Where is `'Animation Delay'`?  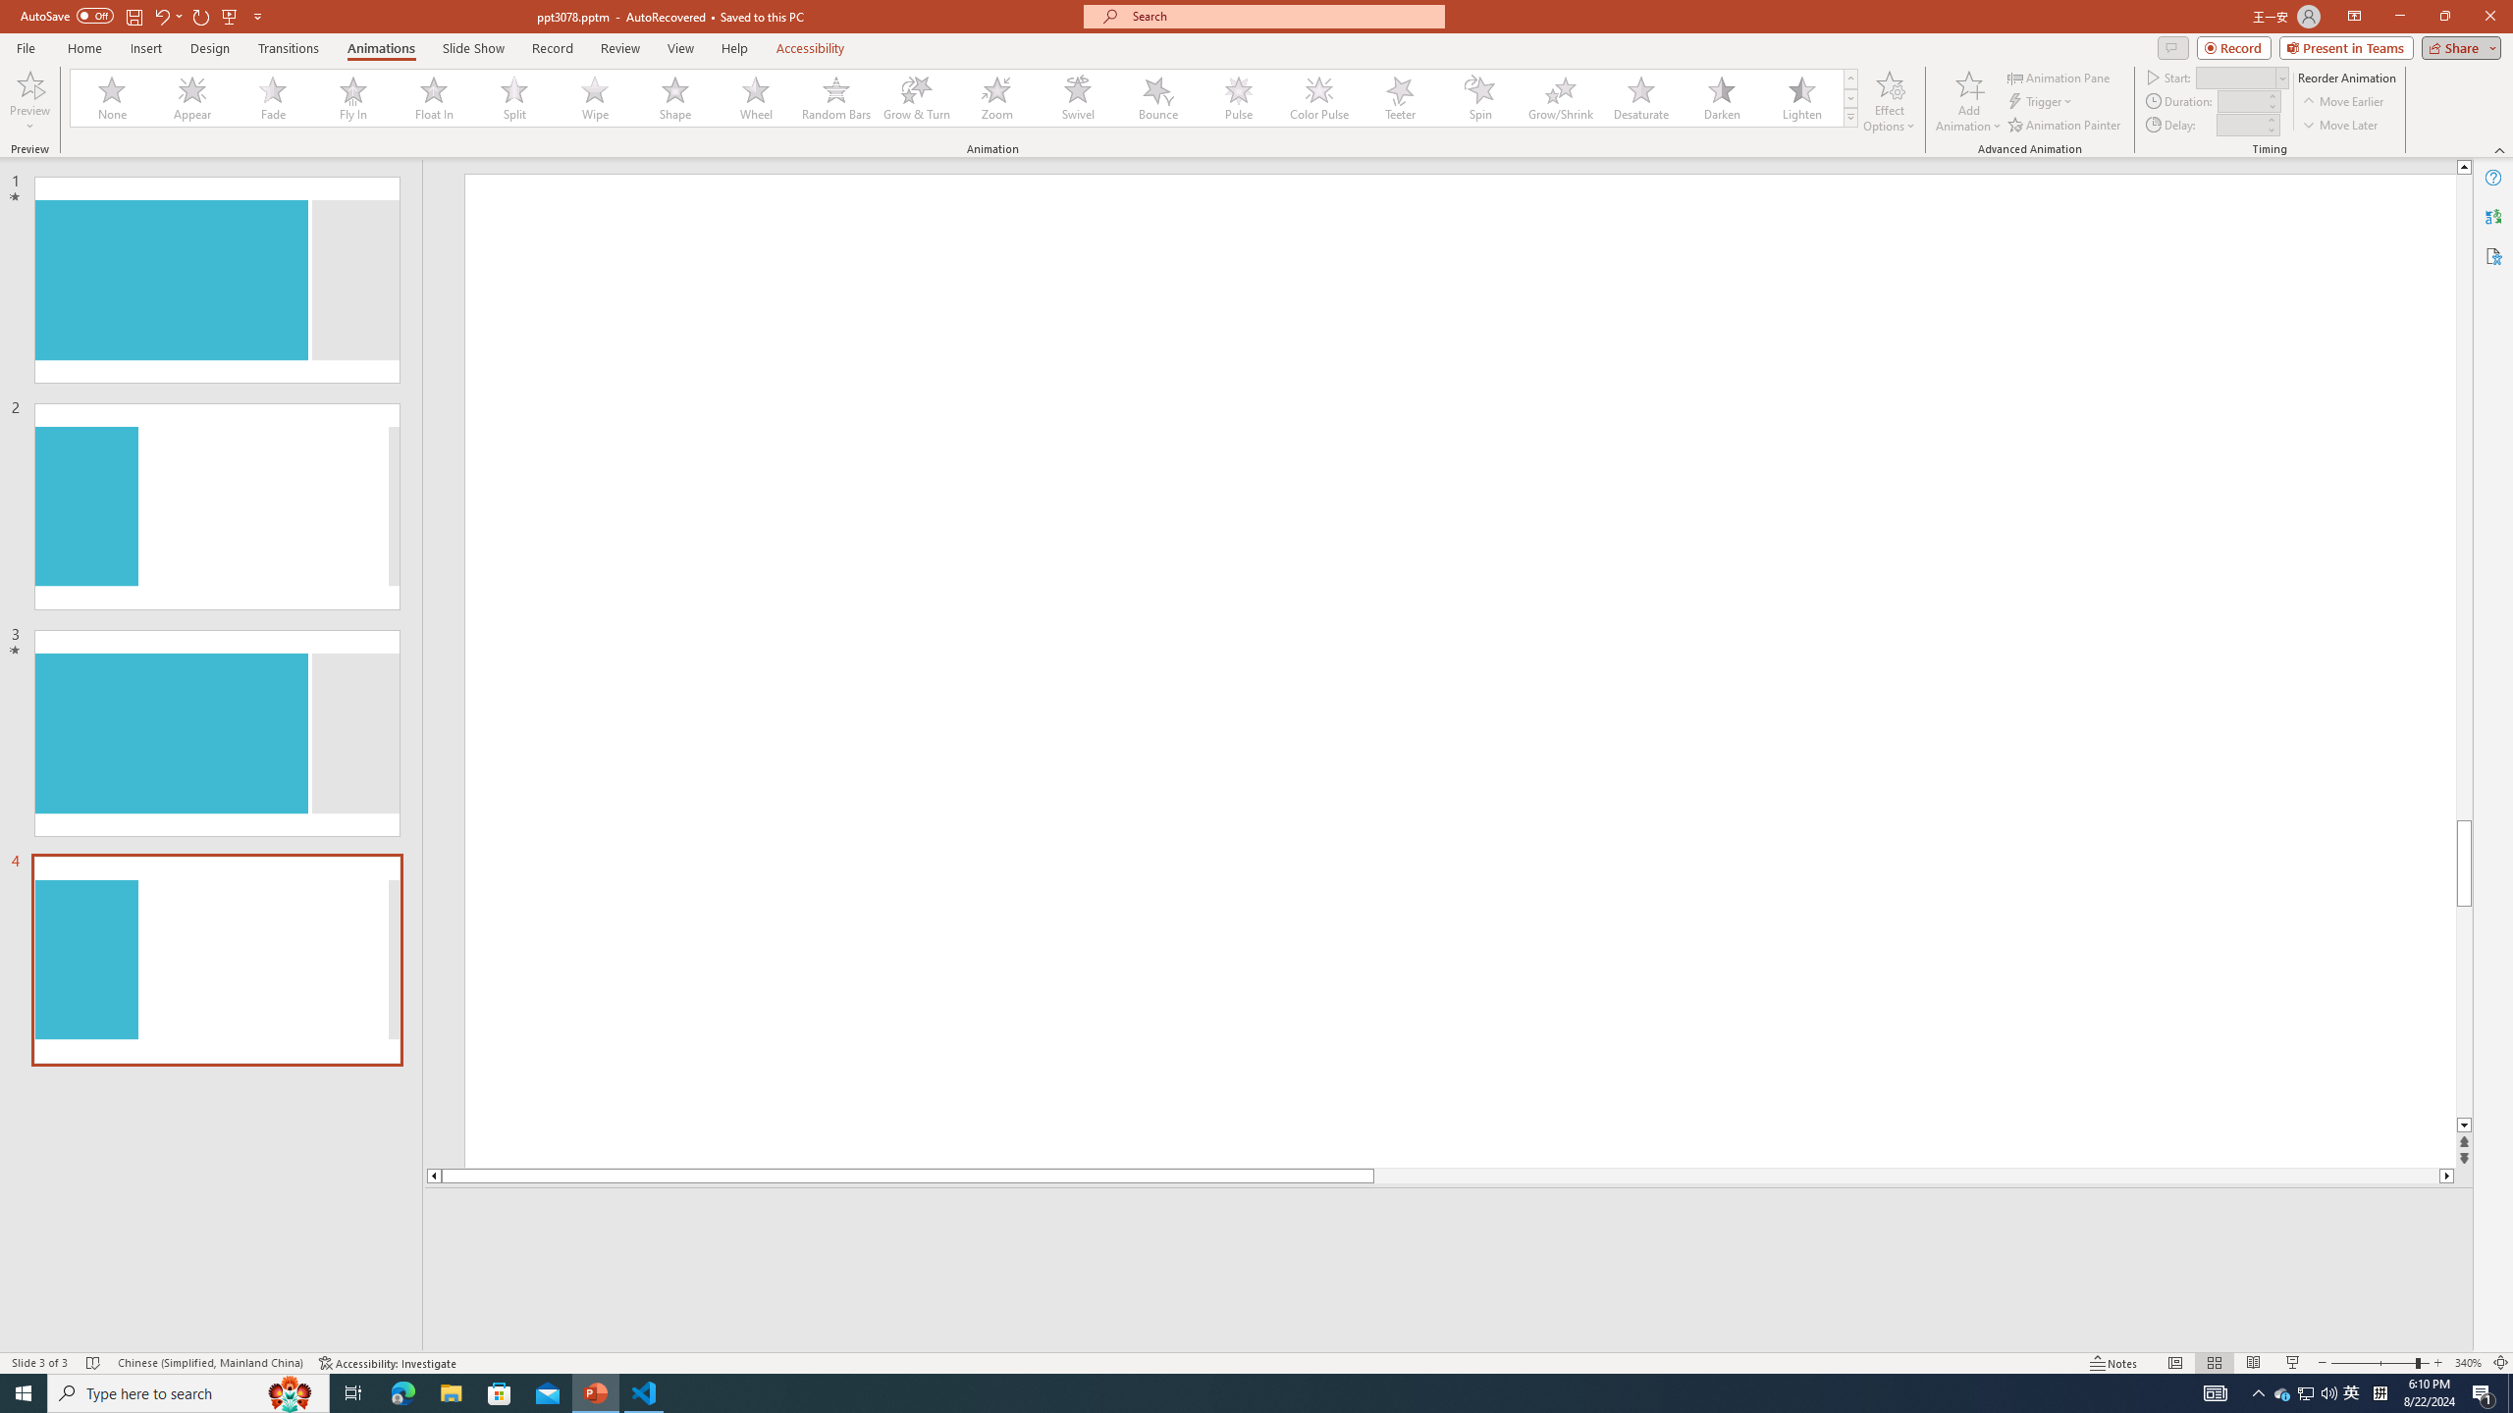
'Animation Delay' is located at coordinates (2237, 124).